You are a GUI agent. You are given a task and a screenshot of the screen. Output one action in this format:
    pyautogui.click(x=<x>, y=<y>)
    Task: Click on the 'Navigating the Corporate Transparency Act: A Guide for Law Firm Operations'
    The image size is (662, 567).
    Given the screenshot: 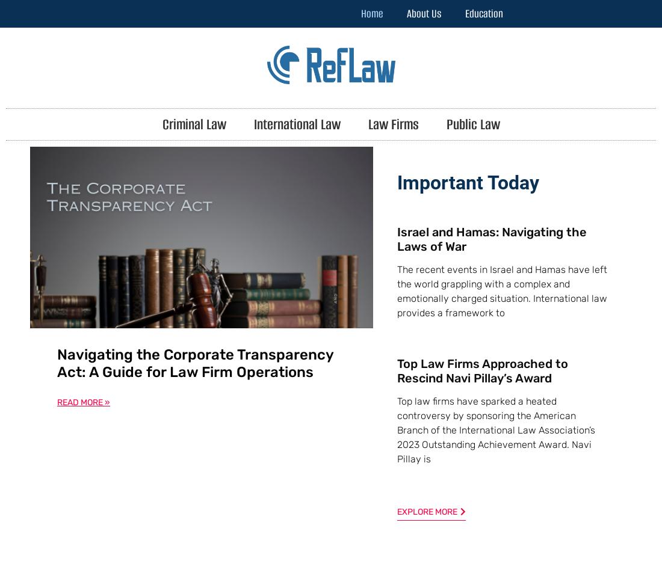 What is the action you would take?
    pyautogui.click(x=194, y=362)
    